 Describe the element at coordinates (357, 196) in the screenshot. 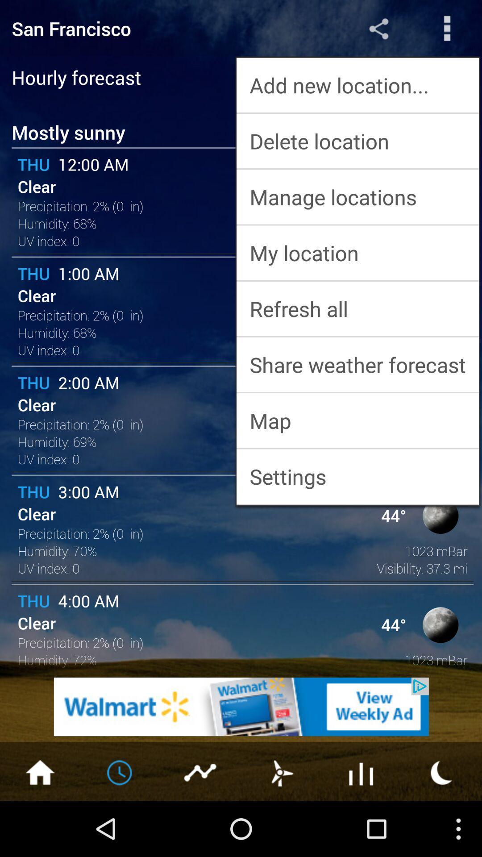

I see `the manage locations` at that location.